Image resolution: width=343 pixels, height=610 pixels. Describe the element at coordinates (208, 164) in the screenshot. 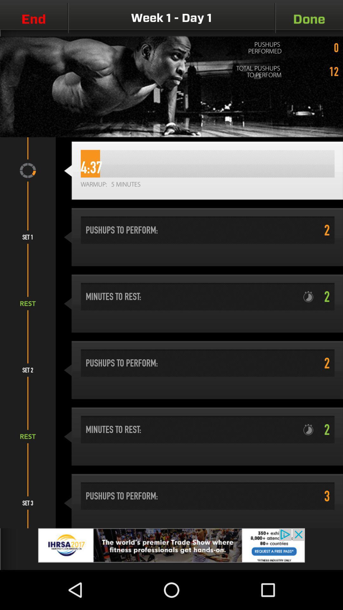

I see `437` at that location.